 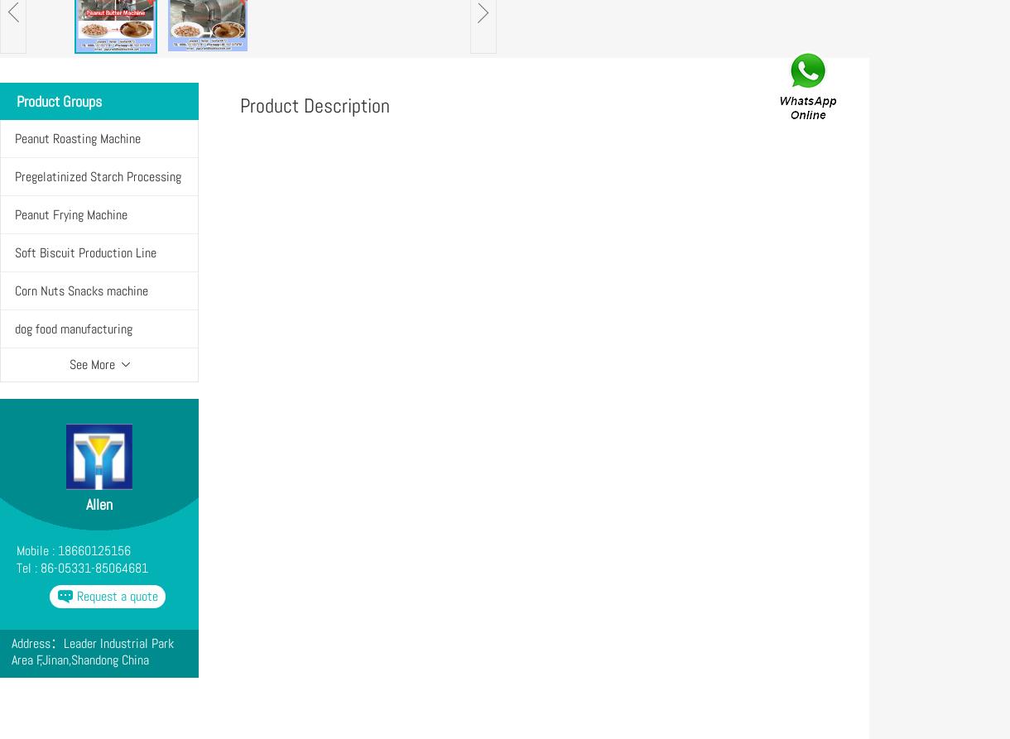 What do you see at coordinates (117, 596) in the screenshot?
I see `'Request a quote'` at bounding box center [117, 596].